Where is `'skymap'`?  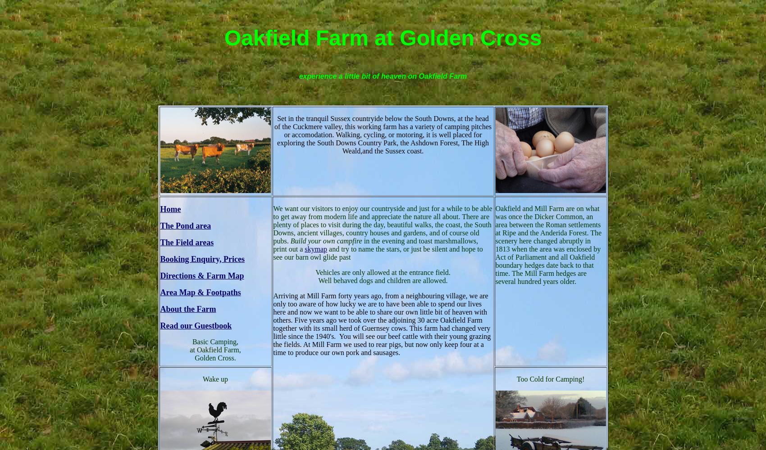 'skymap' is located at coordinates (316, 248).